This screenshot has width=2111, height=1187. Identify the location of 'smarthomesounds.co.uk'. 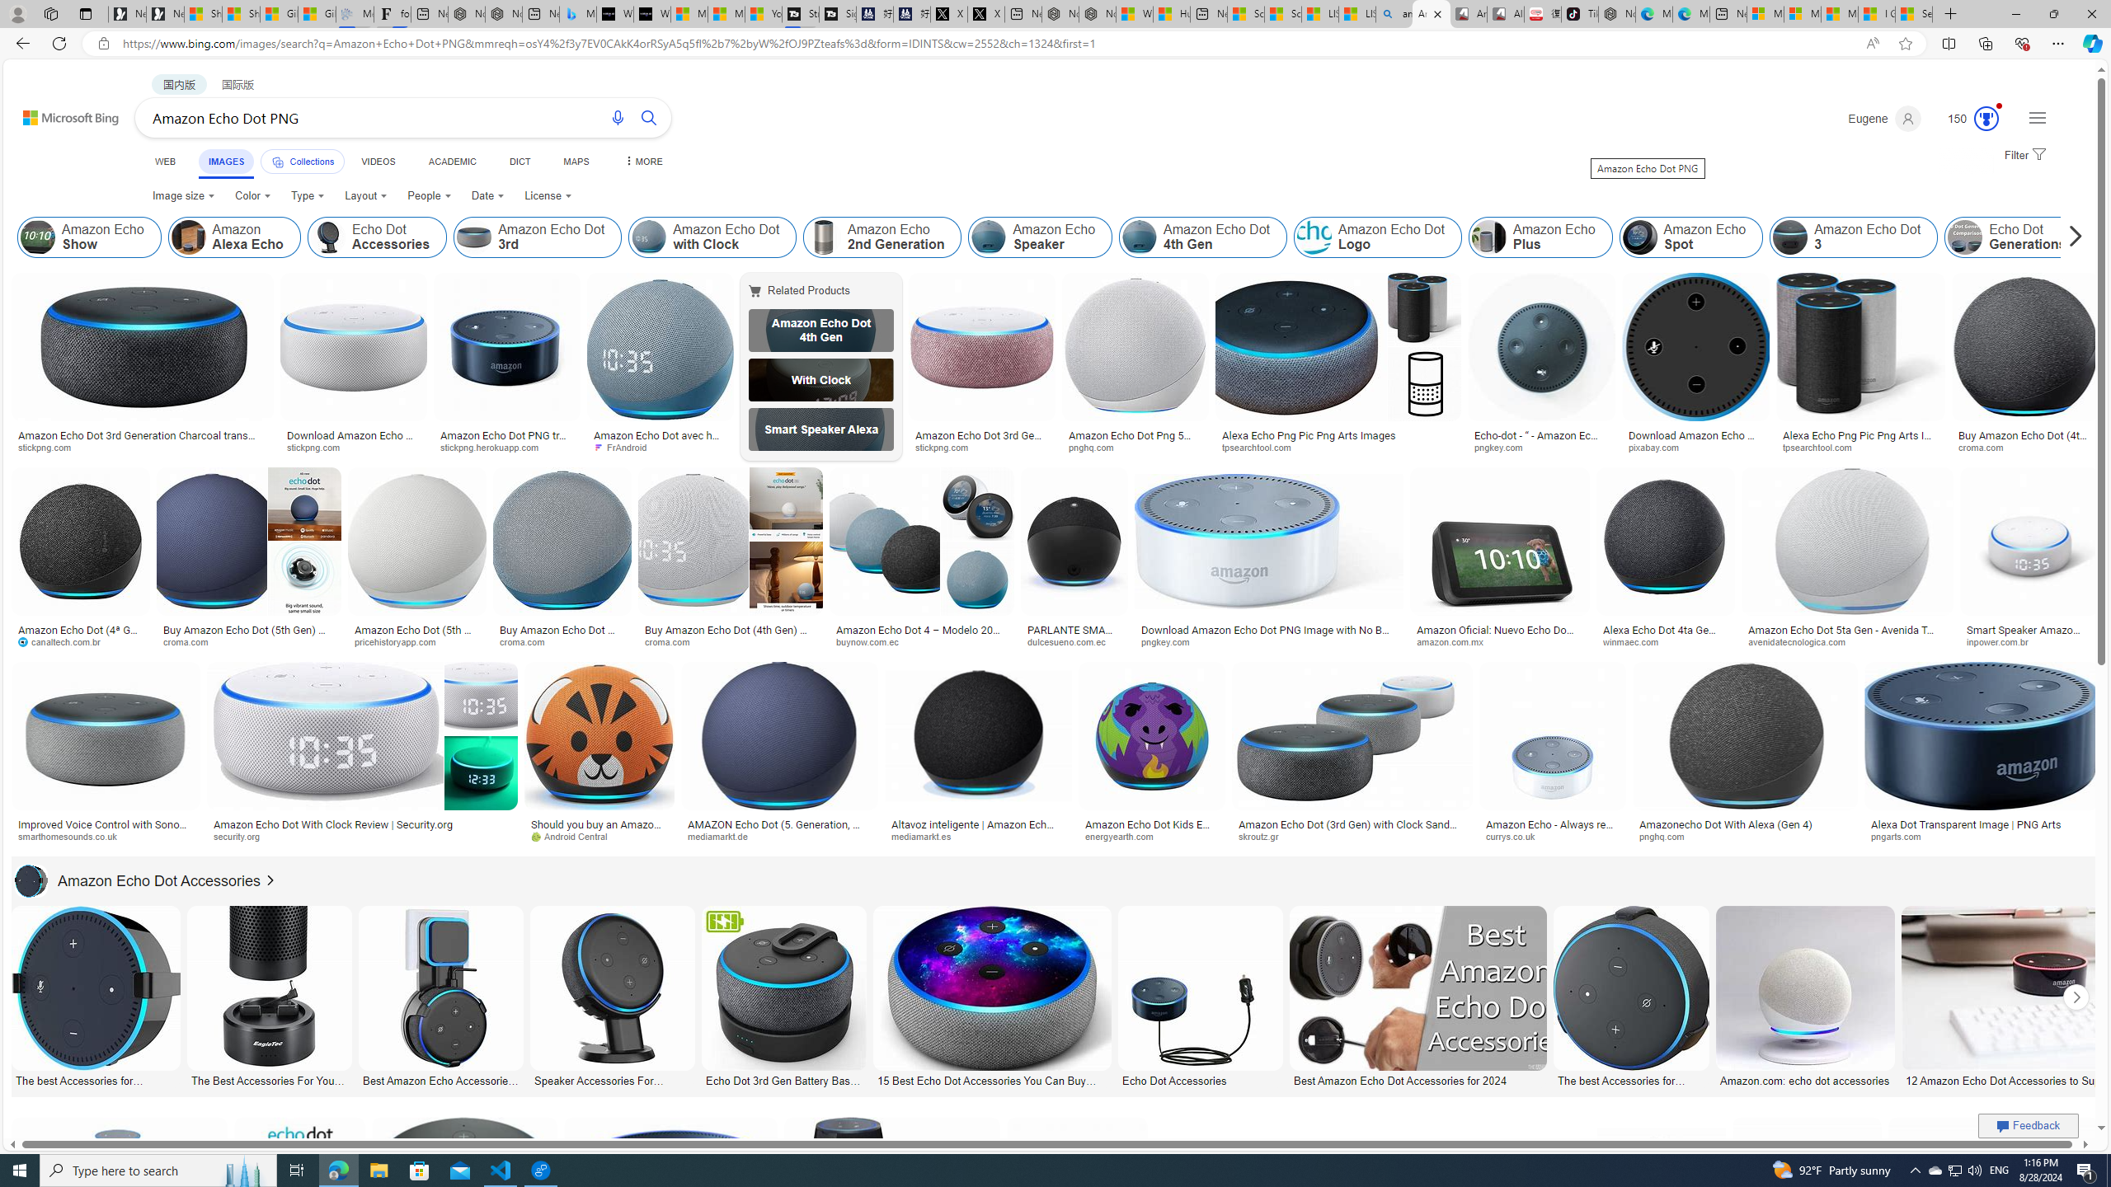
(106, 836).